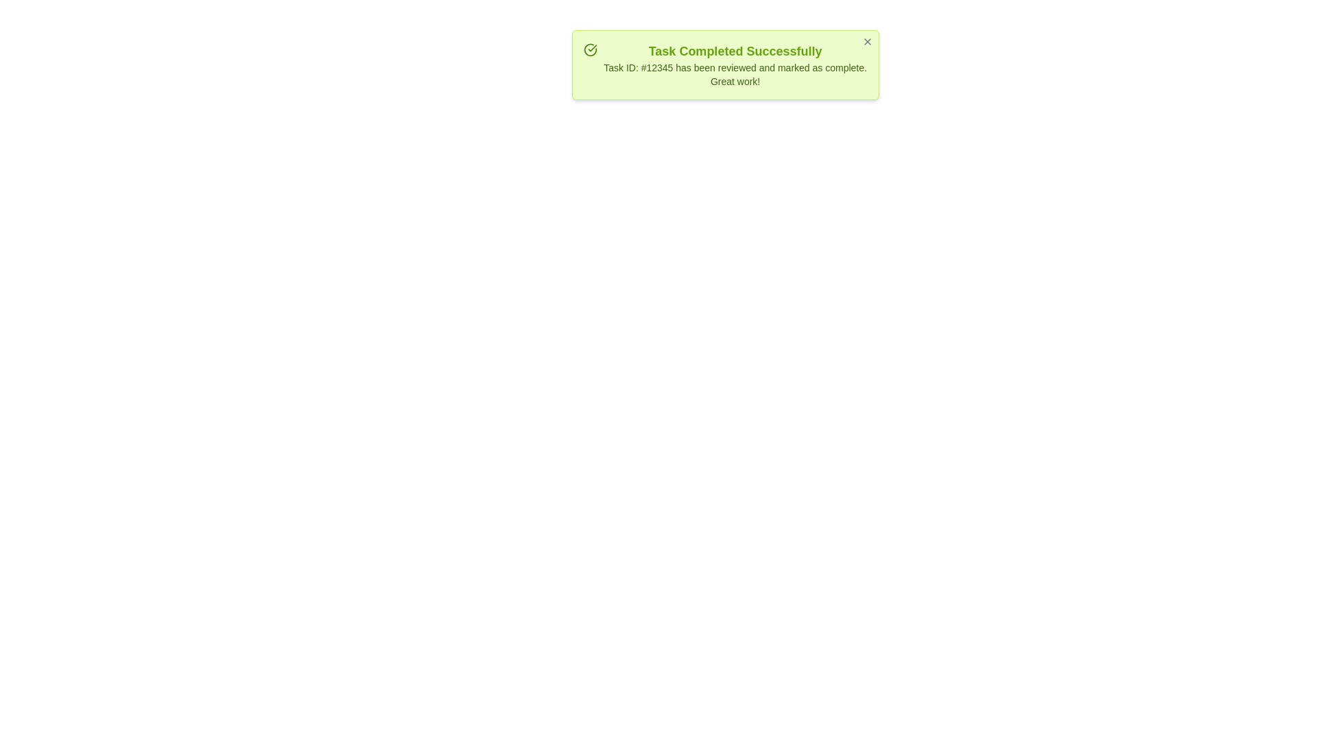 This screenshot has width=1317, height=741. What do you see at coordinates (590, 49) in the screenshot?
I see `the icon to observe its behavior` at bounding box center [590, 49].